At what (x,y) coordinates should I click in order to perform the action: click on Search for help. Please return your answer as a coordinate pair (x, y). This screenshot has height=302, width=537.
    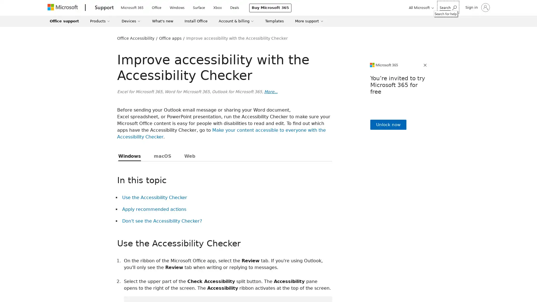
    Looking at the image, I should click on (448, 7).